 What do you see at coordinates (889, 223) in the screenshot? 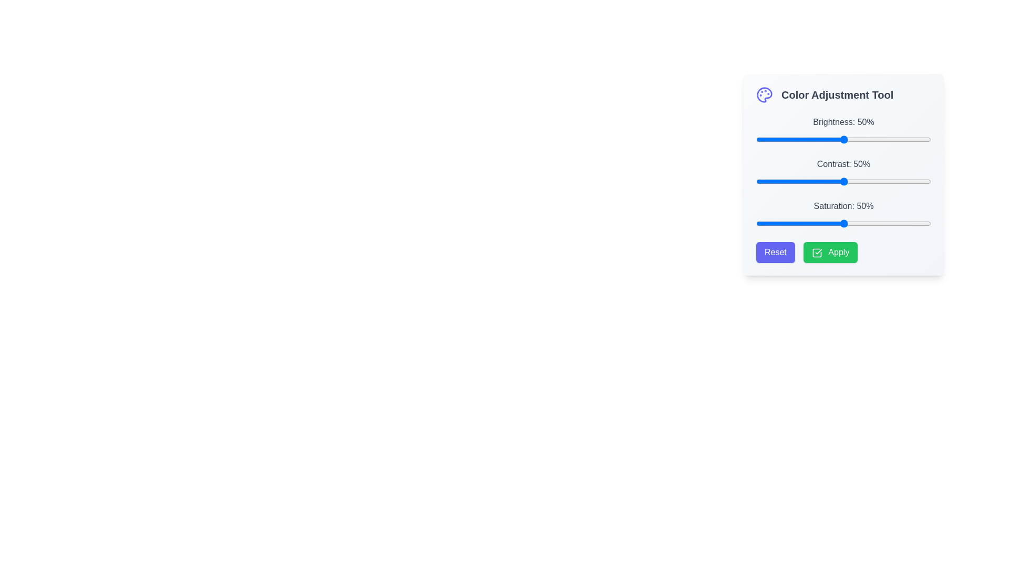
I see `the slider` at bounding box center [889, 223].